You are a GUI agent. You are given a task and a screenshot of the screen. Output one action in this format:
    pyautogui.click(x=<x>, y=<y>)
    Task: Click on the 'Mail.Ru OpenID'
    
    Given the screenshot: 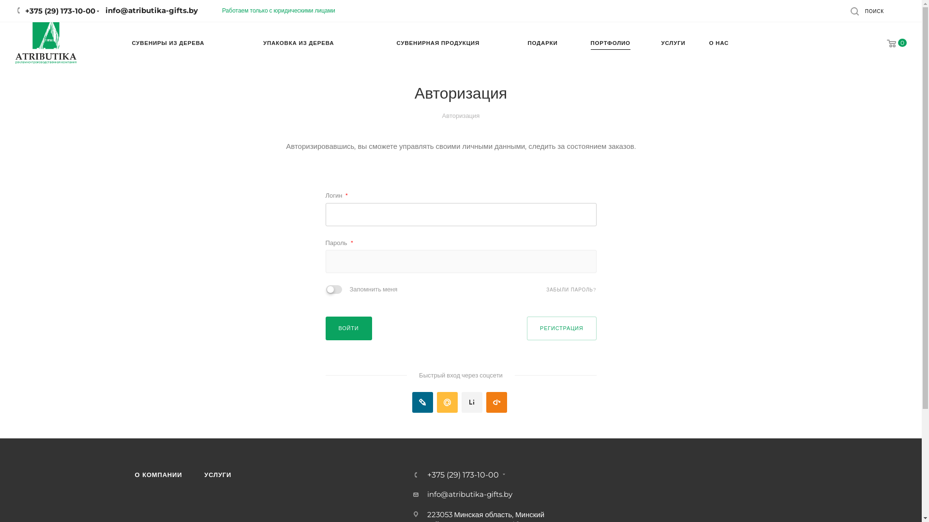 What is the action you would take?
    pyautogui.click(x=447, y=402)
    